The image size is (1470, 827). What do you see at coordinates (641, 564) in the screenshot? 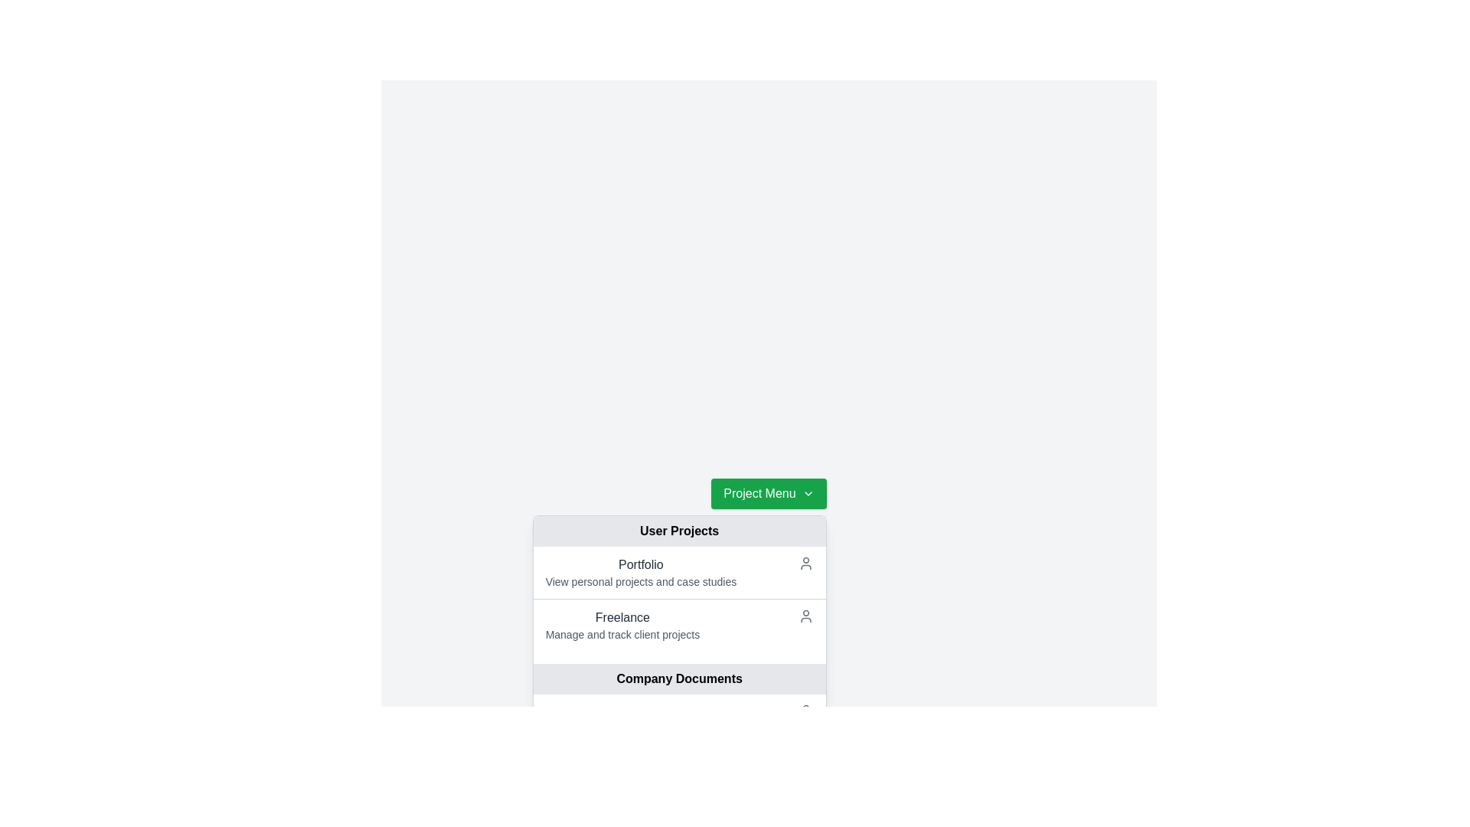
I see `the 'Portfolio' text label, which is the first item in the 'User Projects' dropdown menu, to interact with this item` at bounding box center [641, 564].